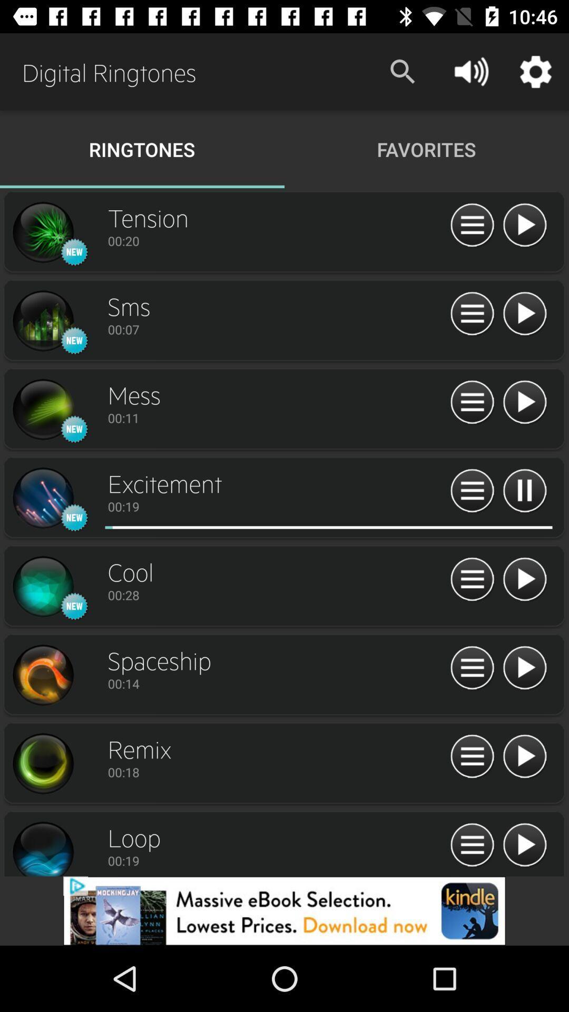 Image resolution: width=569 pixels, height=1012 pixels. I want to click on red mark, so click(280, 527).